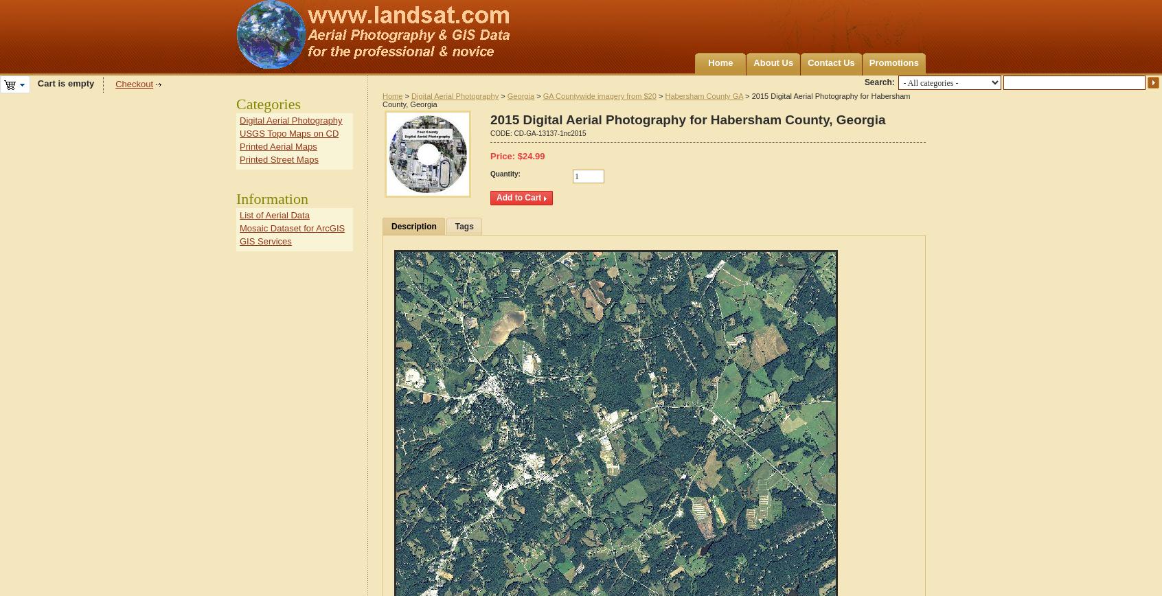 The width and height of the screenshot is (1162, 596). Describe the element at coordinates (268, 104) in the screenshot. I see `'Categories'` at that location.